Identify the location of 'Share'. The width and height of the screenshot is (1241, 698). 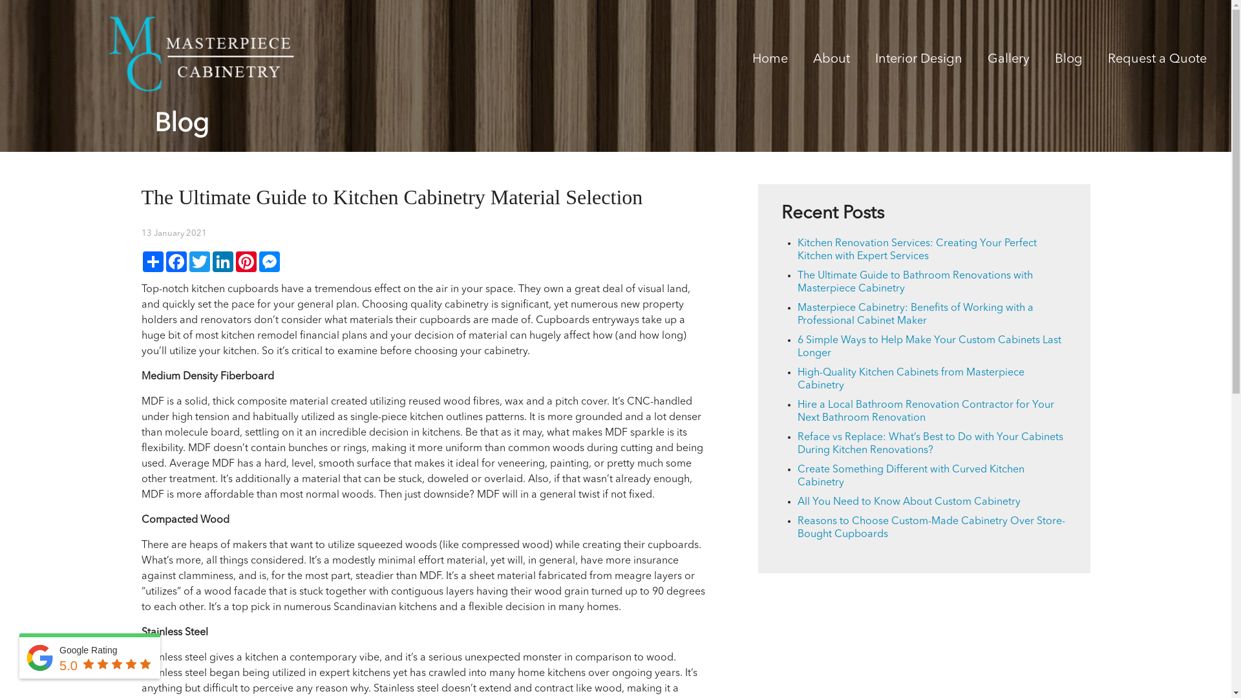
(152, 262).